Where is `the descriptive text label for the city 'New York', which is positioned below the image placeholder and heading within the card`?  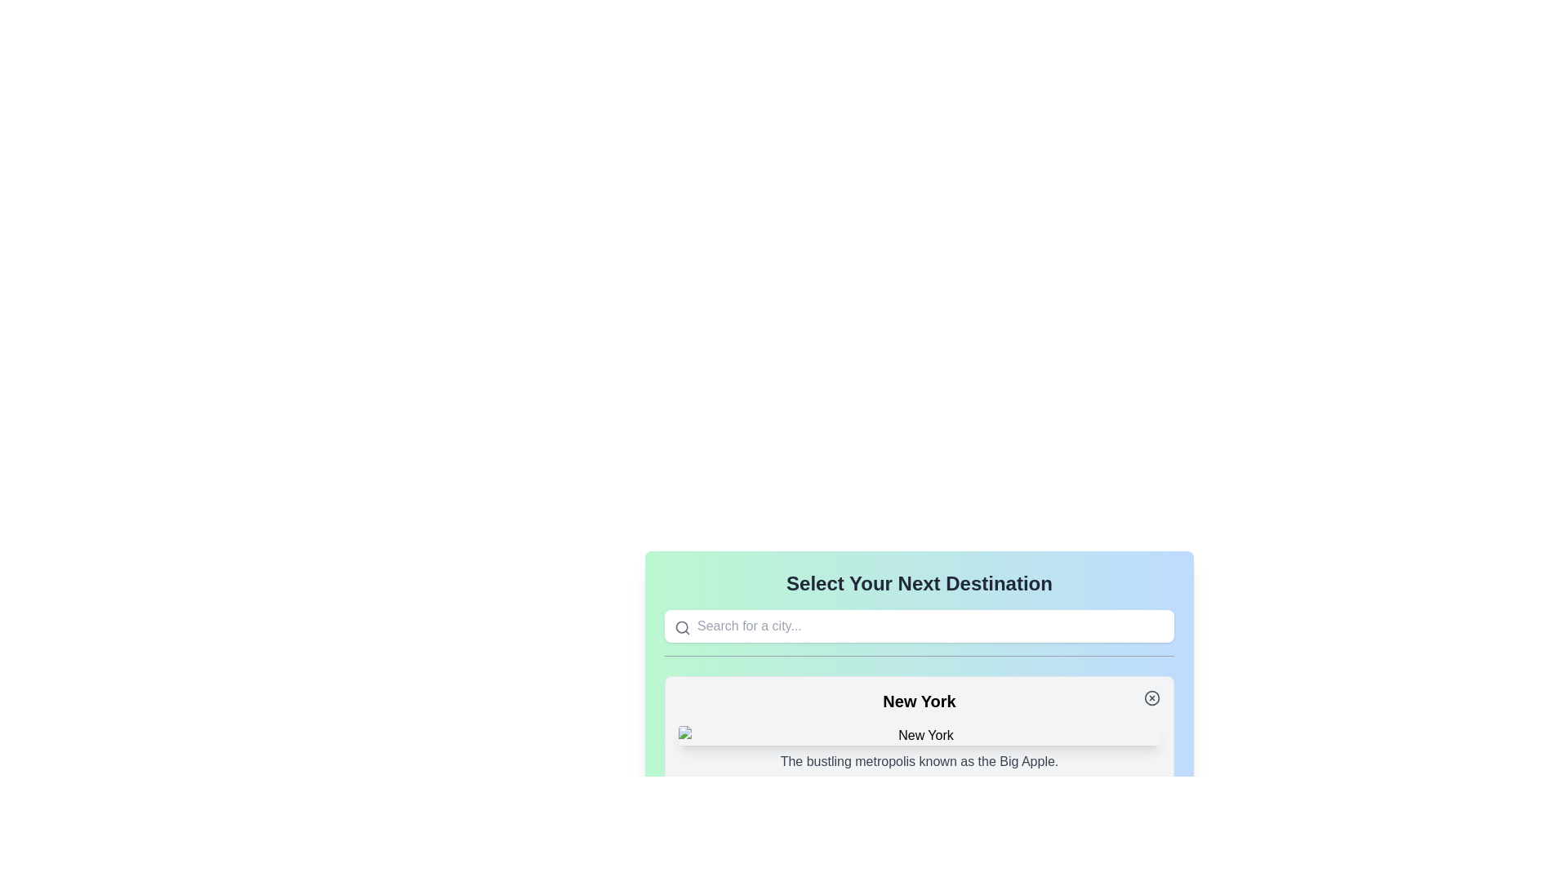
the descriptive text label for the city 'New York', which is positioned below the image placeholder and heading within the card is located at coordinates (920, 762).